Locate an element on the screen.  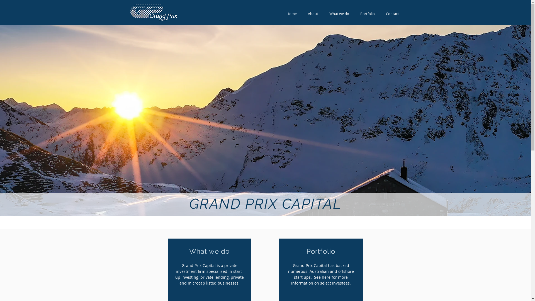
'Portfolio' is located at coordinates (367, 13).